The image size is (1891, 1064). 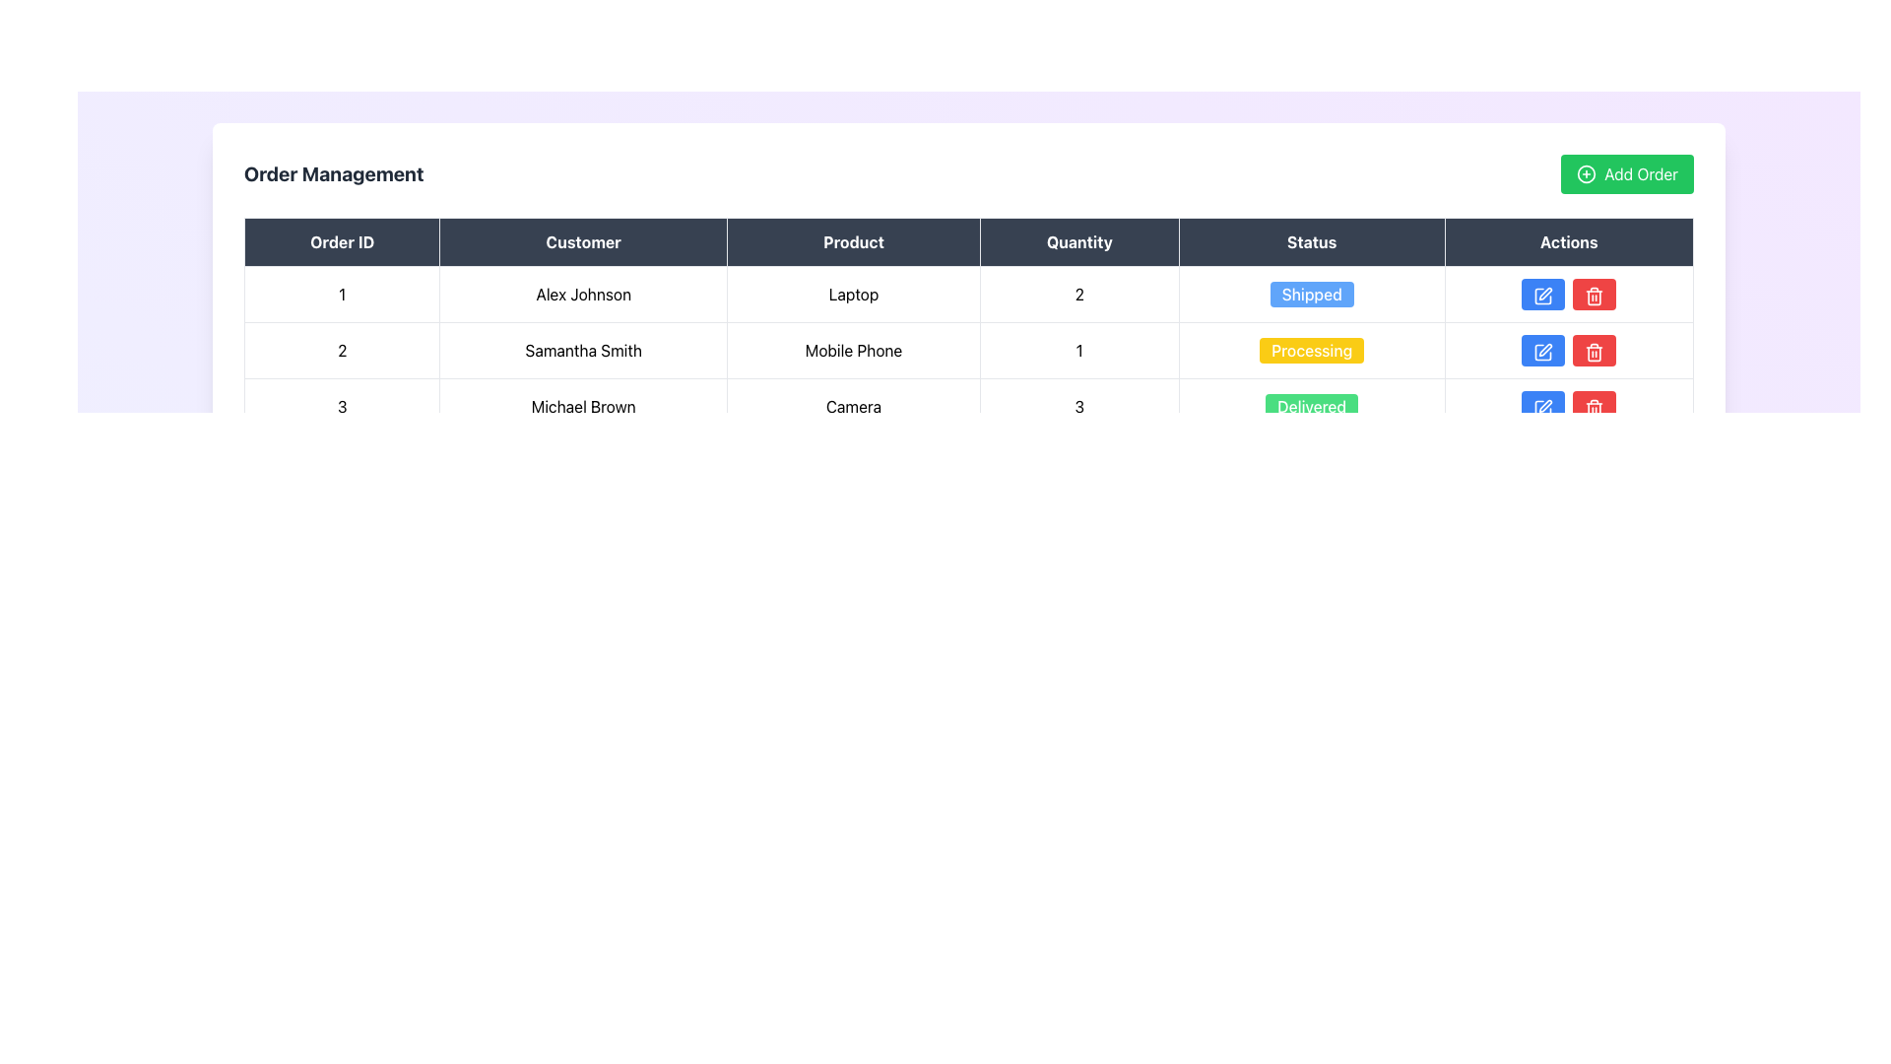 What do you see at coordinates (342, 349) in the screenshot?
I see `on the table cell containing the identifier '2' in the second row and first column` at bounding box center [342, 349].